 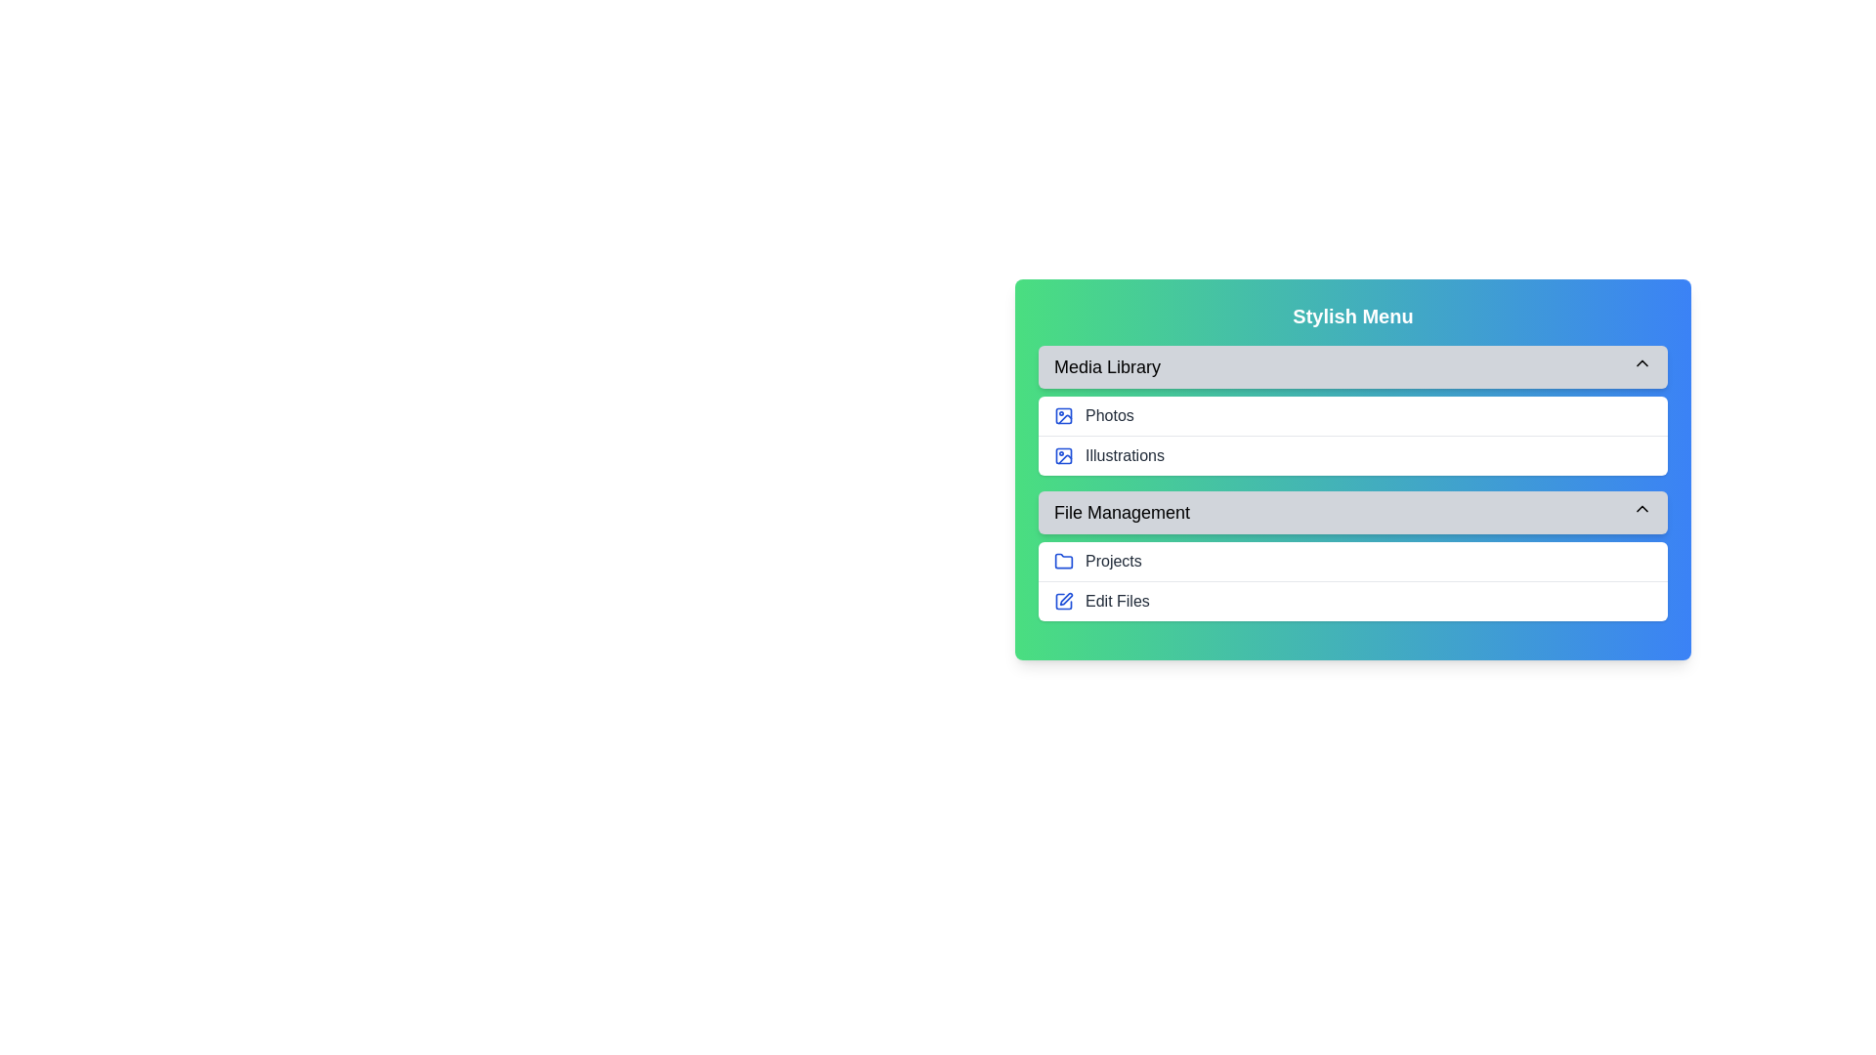 What do you see at coordinates (1352, 409) in the screenshot?
I see `an item from the 'Media Library' dropdown menu by clicking on it, which contains options like 'Photos' and 'Illustrations'` at bounding box center [1352, 409].